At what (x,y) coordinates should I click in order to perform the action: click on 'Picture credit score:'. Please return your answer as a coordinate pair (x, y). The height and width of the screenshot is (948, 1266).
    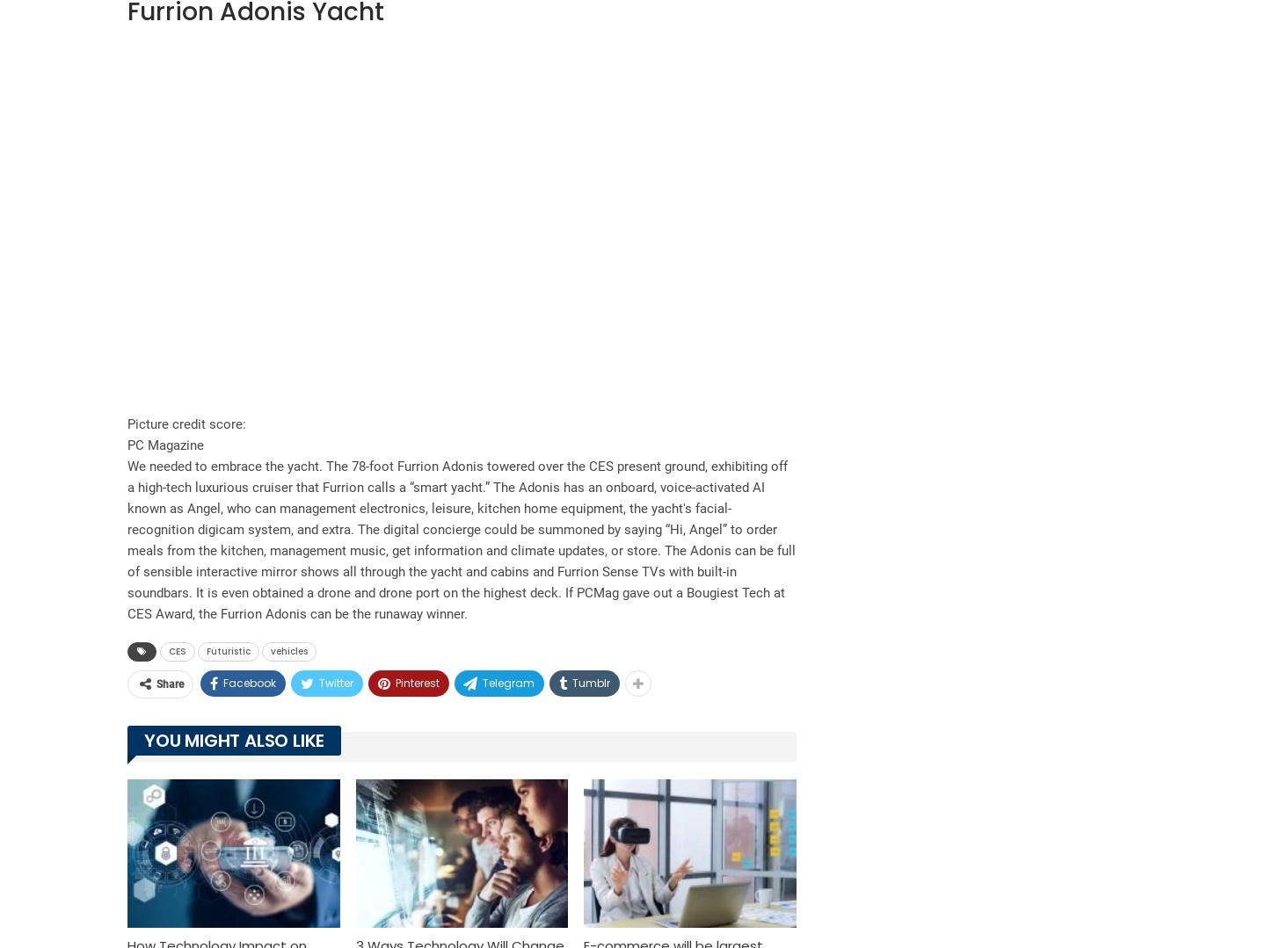
    Looking at the image, I should click on (127, 422).